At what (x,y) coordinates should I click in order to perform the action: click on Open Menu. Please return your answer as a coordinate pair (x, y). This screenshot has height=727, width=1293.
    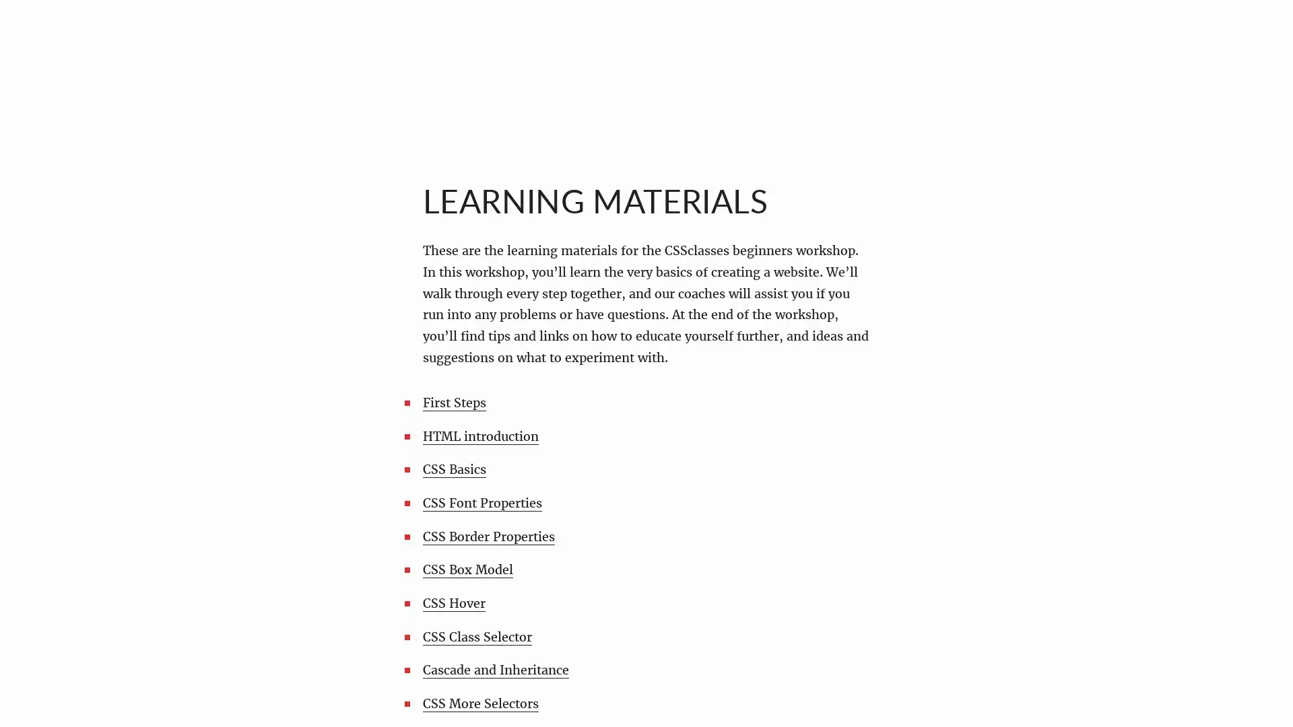
    Looking at the image, I should click on (43, 42).